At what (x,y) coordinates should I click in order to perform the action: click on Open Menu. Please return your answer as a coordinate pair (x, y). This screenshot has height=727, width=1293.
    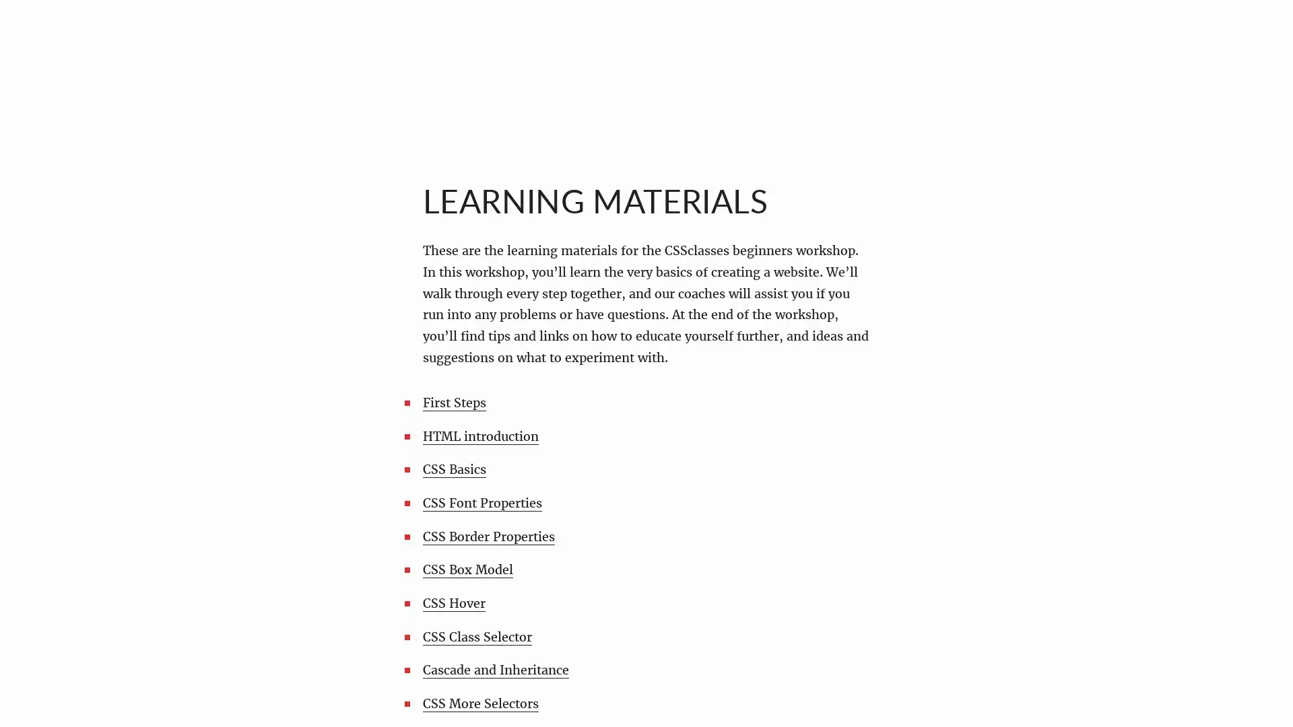
    Looking at the image, I should click on (43, 42).